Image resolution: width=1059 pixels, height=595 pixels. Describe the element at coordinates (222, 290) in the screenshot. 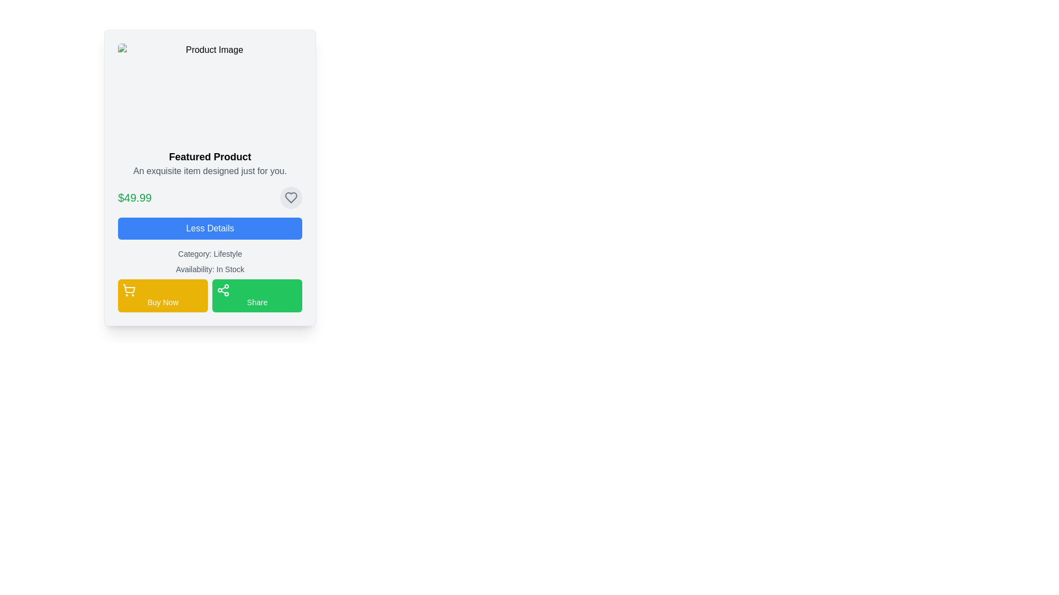

I see `the share icon in the green 'Share' button located at the bottom right section of the interface` at that location.